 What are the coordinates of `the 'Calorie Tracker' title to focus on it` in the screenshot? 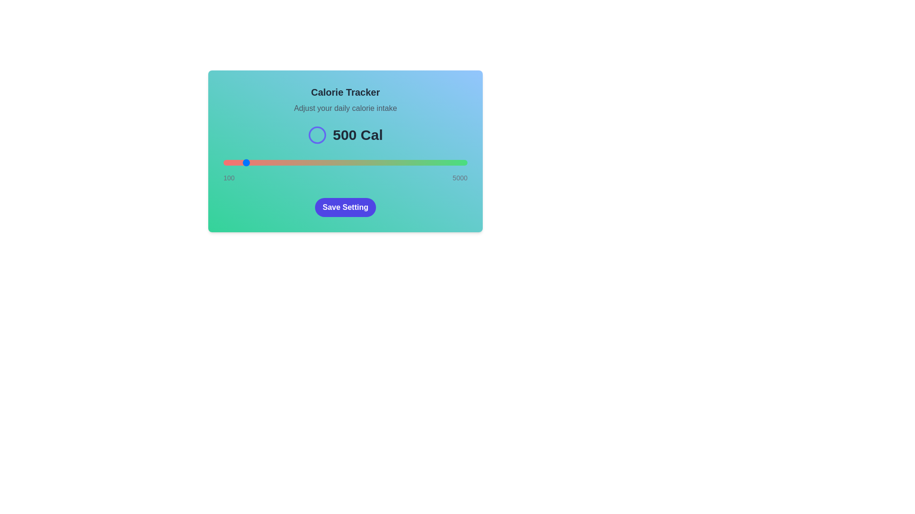 It's located at (345, 92).